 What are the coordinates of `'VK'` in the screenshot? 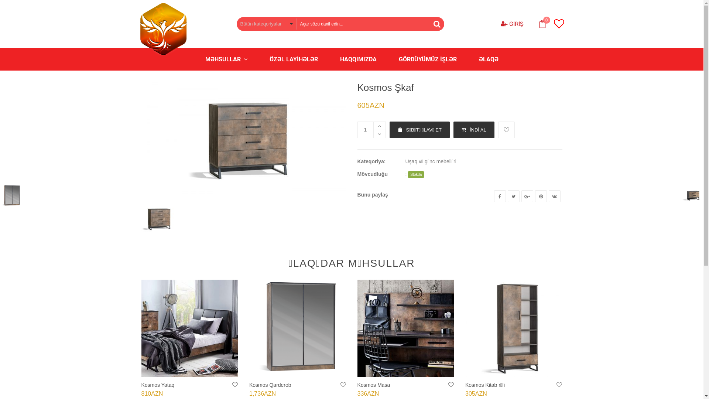 It's located at (555, 196).